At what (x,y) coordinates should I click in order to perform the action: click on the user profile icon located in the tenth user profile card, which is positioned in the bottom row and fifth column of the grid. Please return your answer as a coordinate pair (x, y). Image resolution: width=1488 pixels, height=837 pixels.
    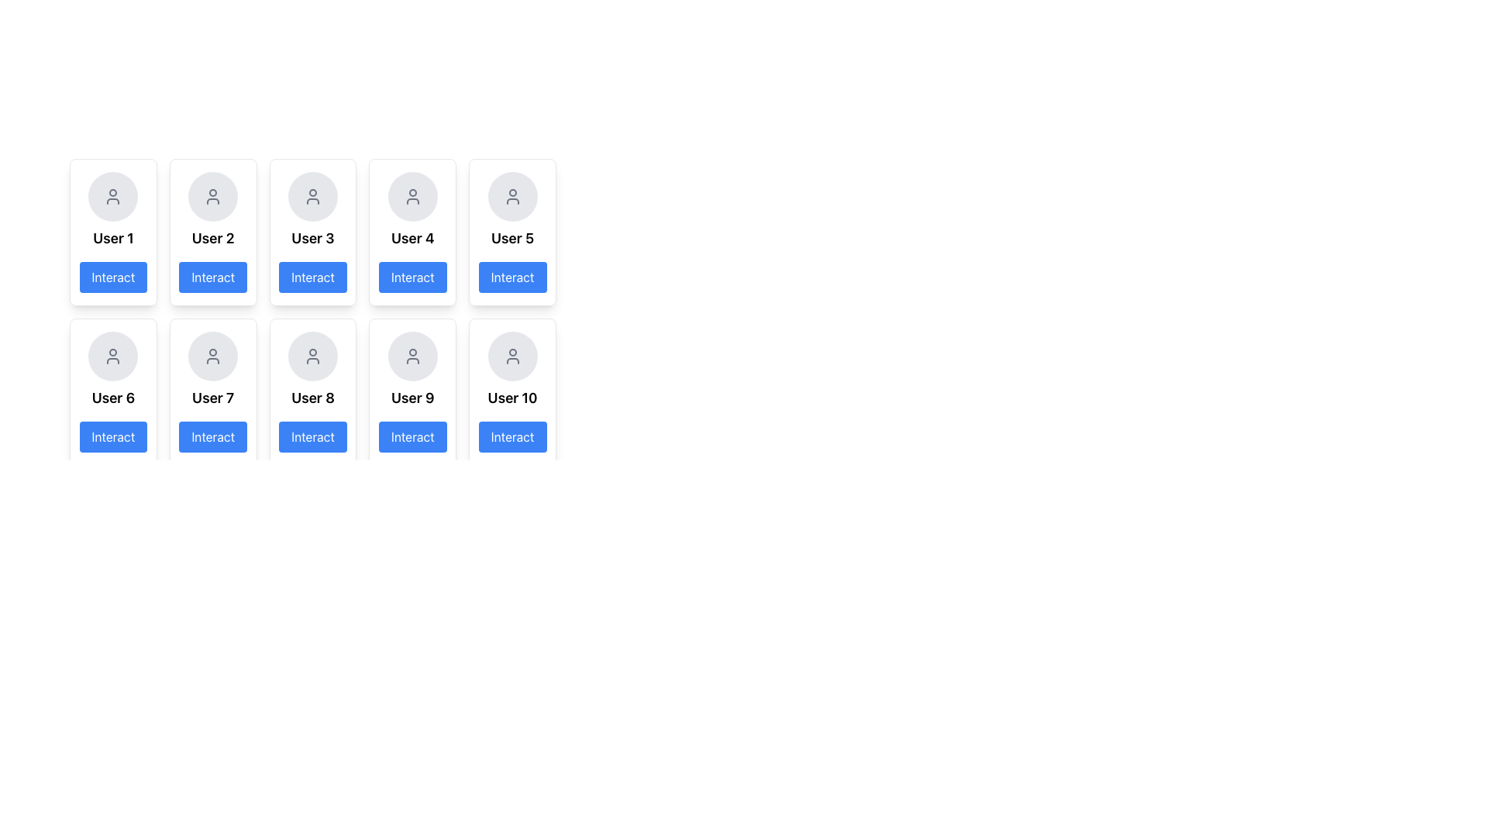
    Looking at the image, I should click on (512, 356).